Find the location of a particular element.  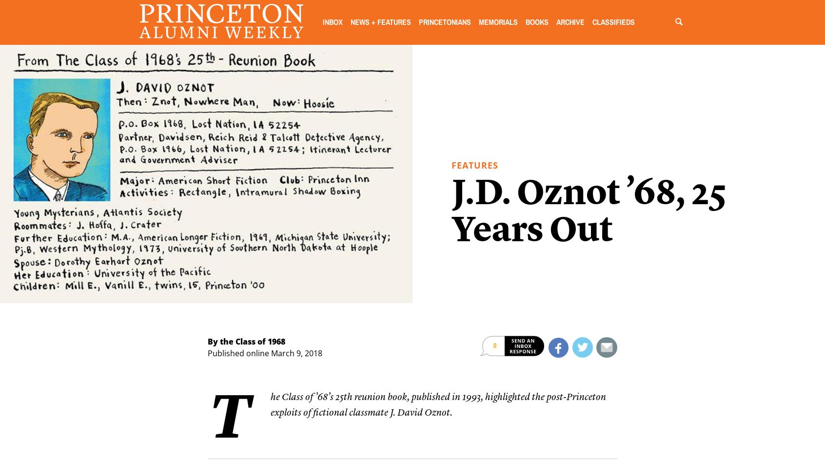

'Memorials' is located at coordinates (497, 22).